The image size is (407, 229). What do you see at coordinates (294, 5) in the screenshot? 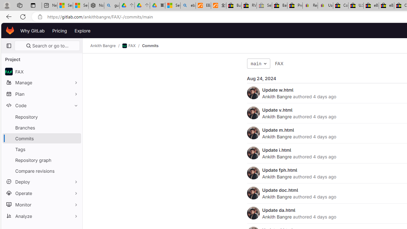
I see `'Press Room - eBay Inc.'` at bounding box center [294, 5].